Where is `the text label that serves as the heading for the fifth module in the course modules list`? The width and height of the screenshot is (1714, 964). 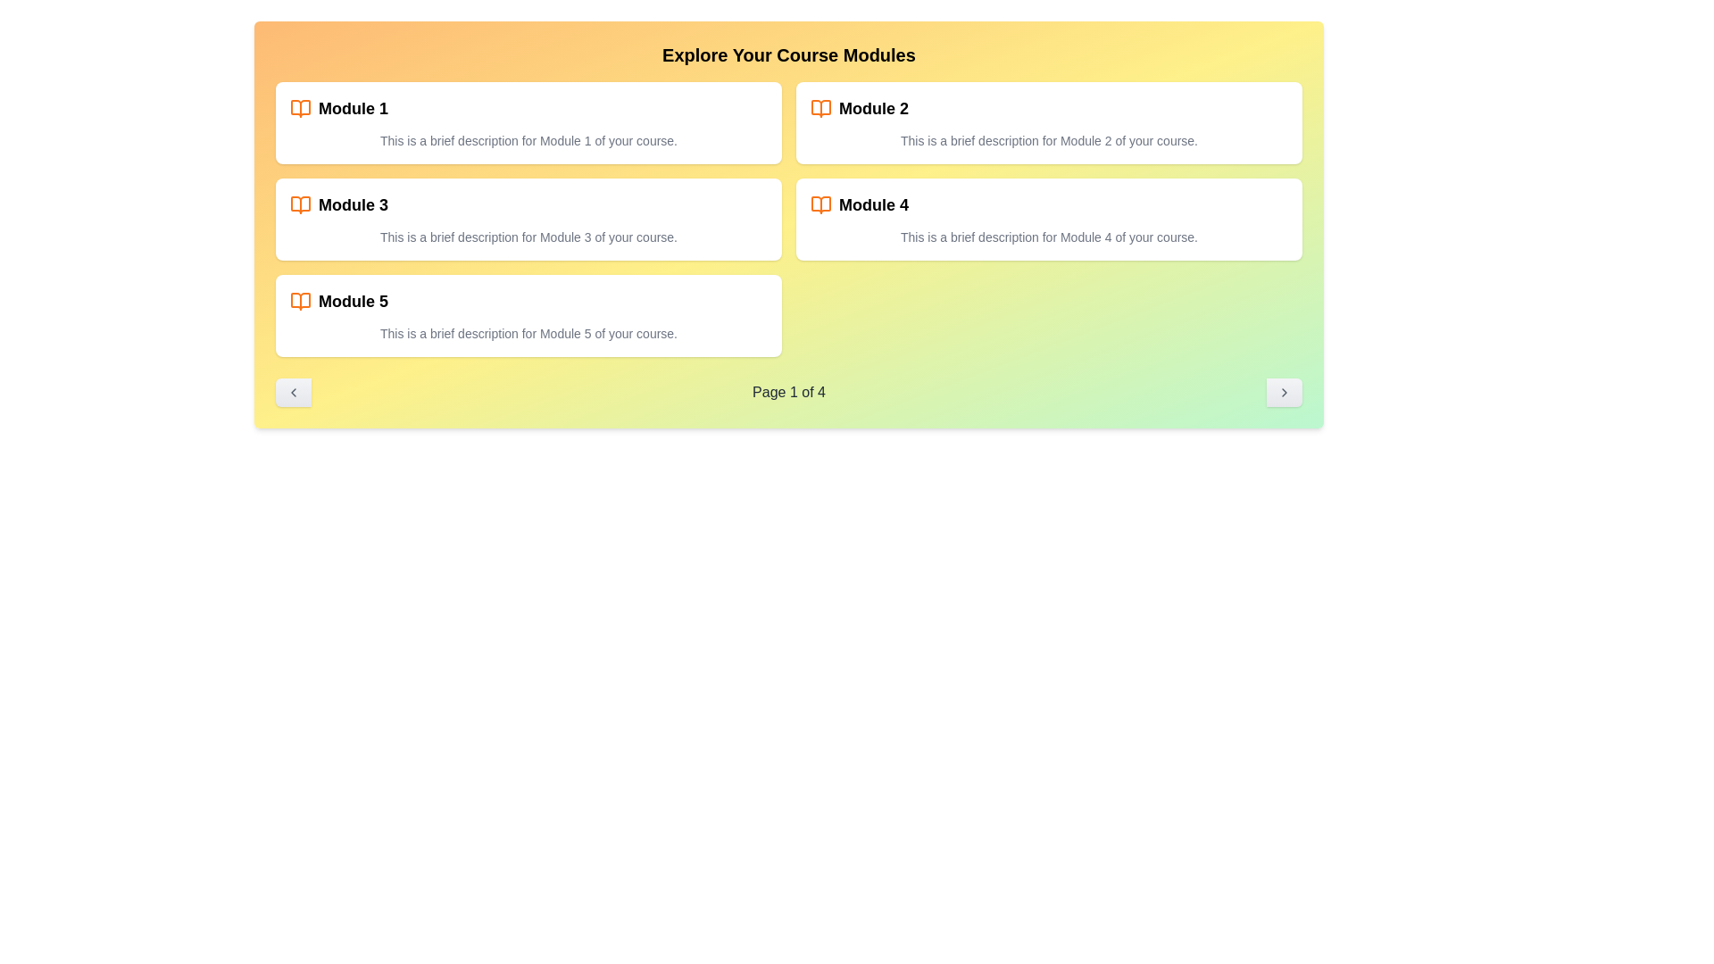 the text label that serves as the heading for the fifth module in the course modules list is located at coordinates (354, 301).